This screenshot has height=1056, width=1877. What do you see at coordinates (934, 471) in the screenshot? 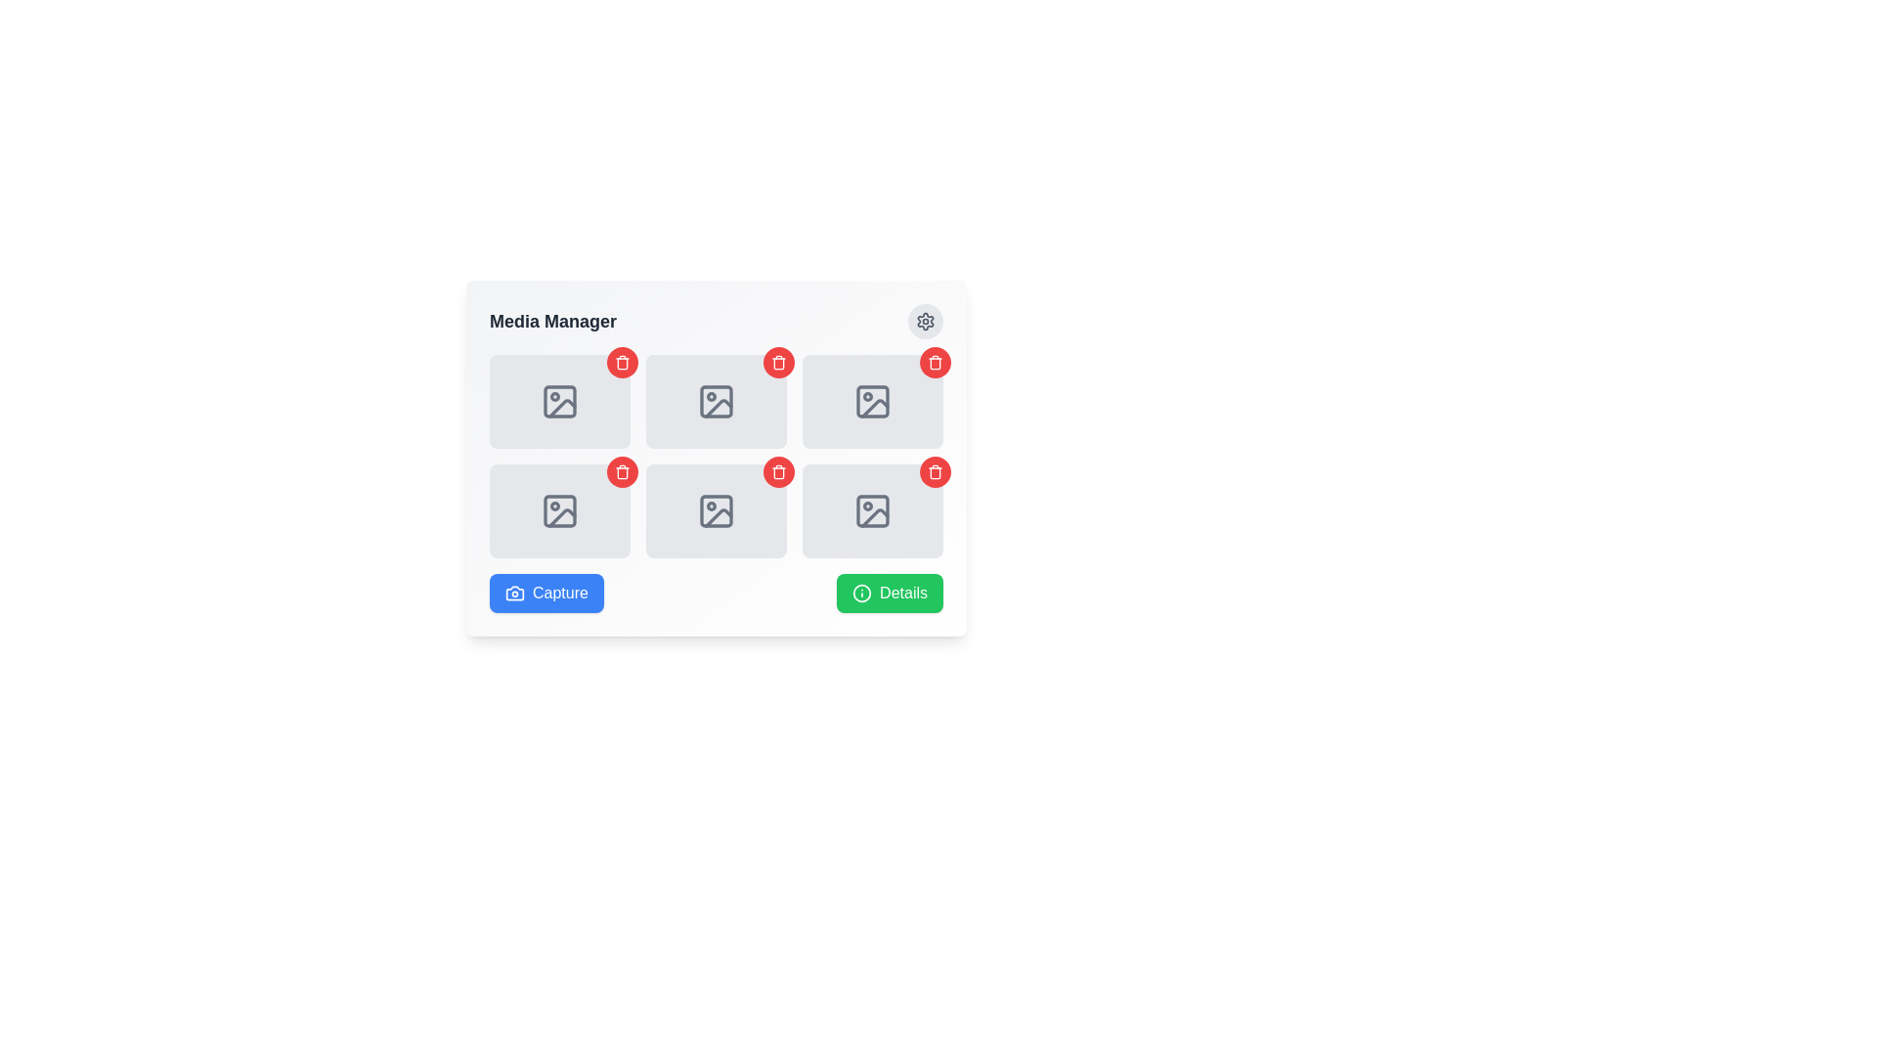
I see `the trash icon button with a red circular background located at the top-right corner of the third media box in the second row to initiate a delete action` at bounding box center [934, 471].